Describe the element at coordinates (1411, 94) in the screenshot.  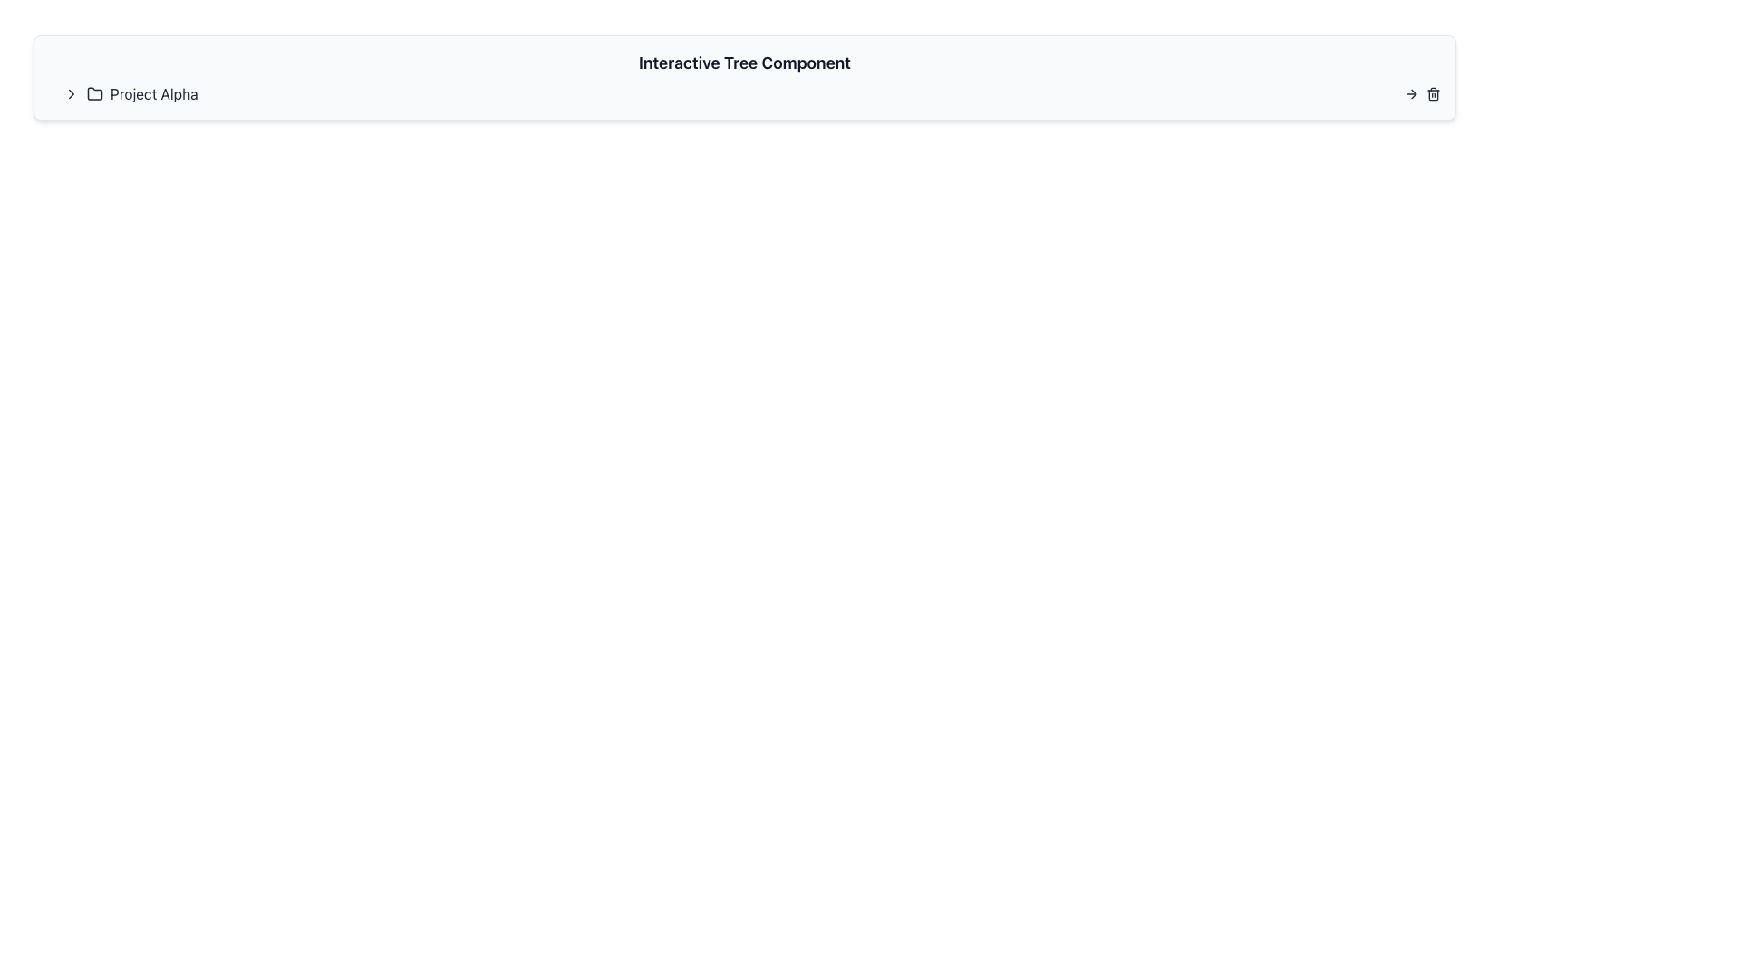
I see `the leftmost rightward arrow icon in the row of interactive icons at the top-right corner of the interface` at that location.